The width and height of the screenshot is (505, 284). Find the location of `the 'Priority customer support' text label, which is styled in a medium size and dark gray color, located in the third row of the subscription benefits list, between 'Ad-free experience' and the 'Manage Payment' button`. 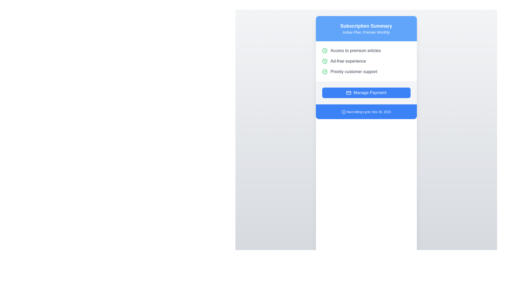

the 'Priority customer support' text label, which is styled in a medium size and dark gray color, located in the third row of the subscription benefits list, between 'Ad-free experience' and the 'Manage Payment' button is located at coordinates (354, 72).